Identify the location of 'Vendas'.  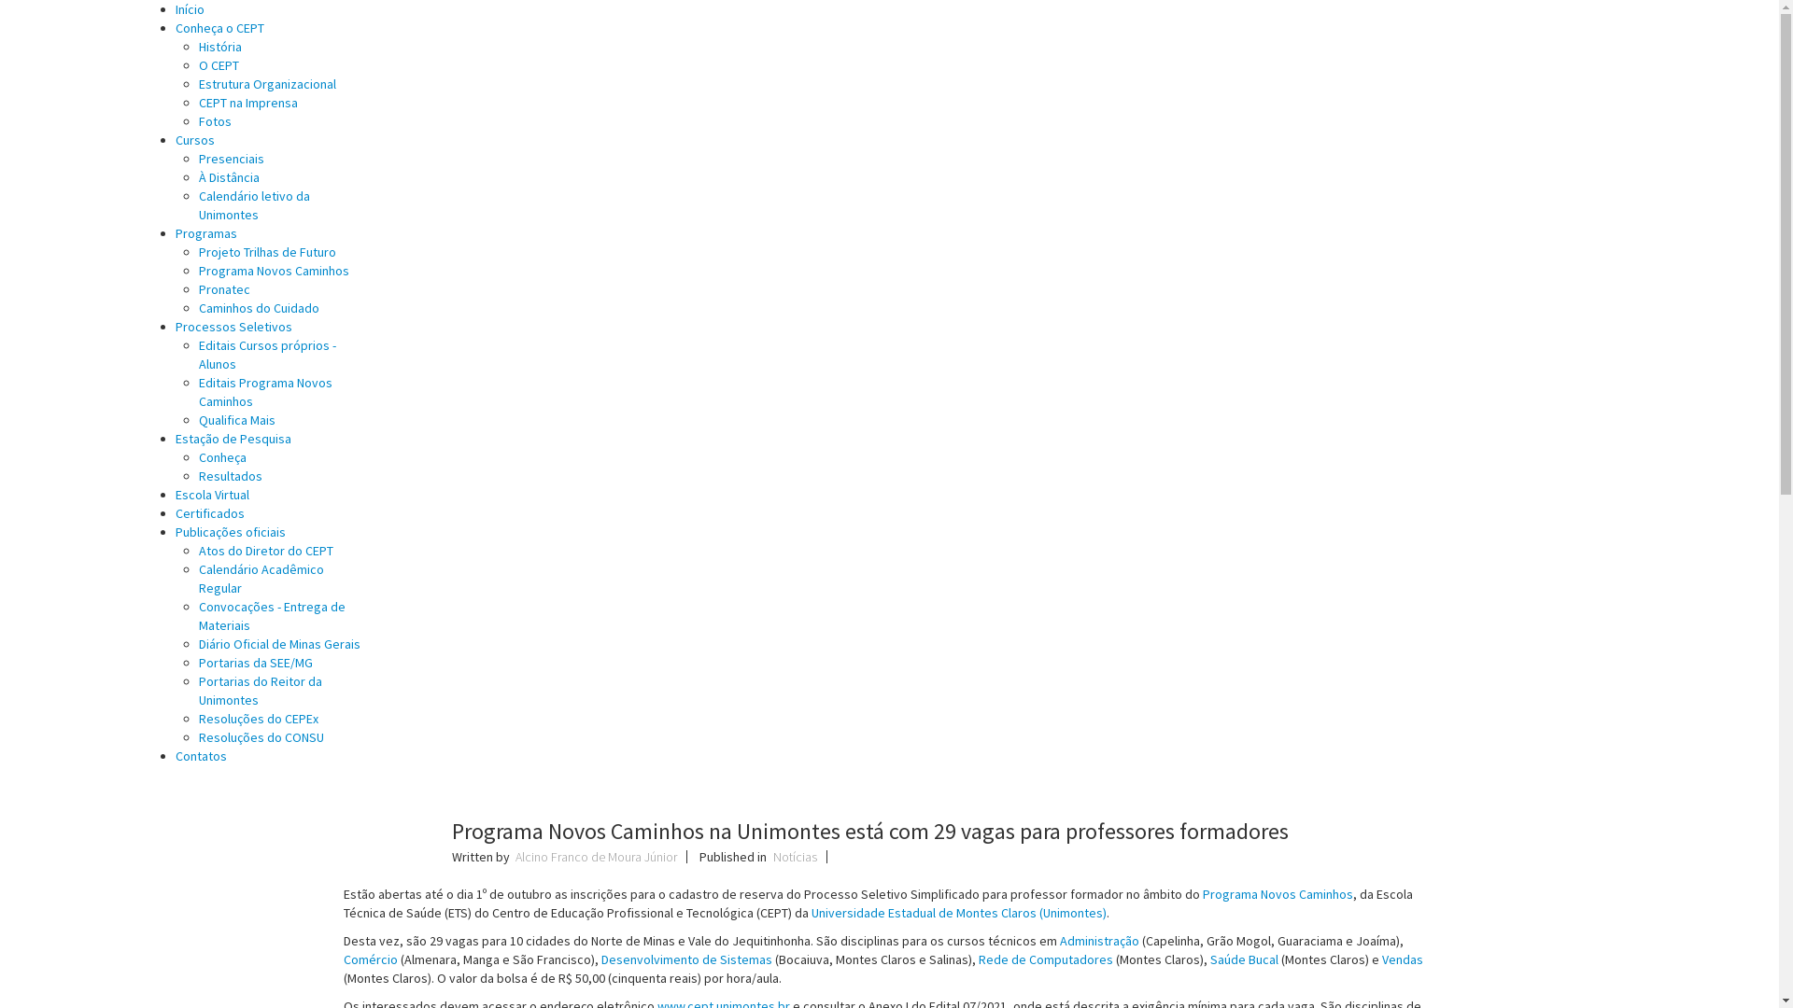
(1403, 959).